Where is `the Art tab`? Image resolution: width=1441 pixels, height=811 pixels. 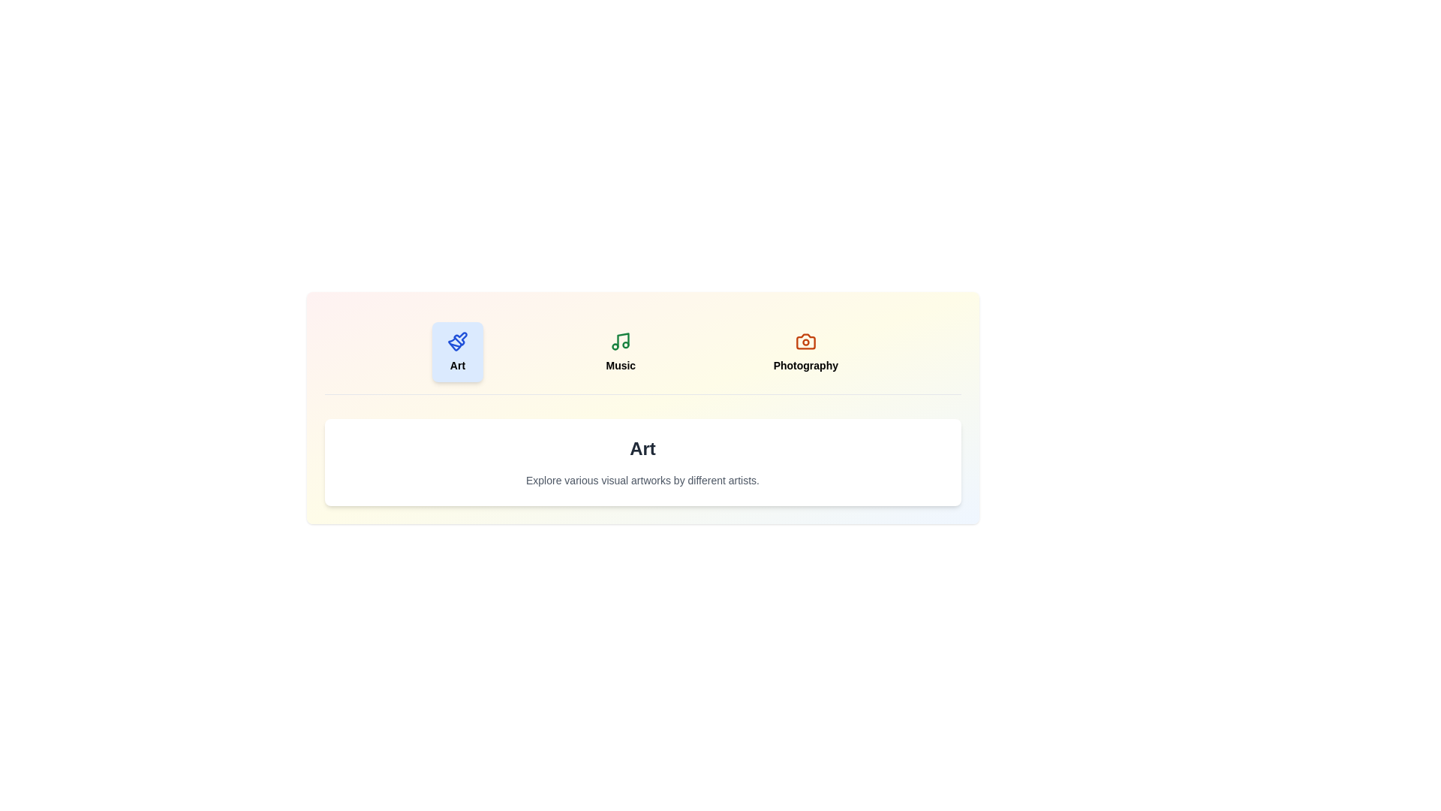 the Art tab is located at coordinates (456, 352).